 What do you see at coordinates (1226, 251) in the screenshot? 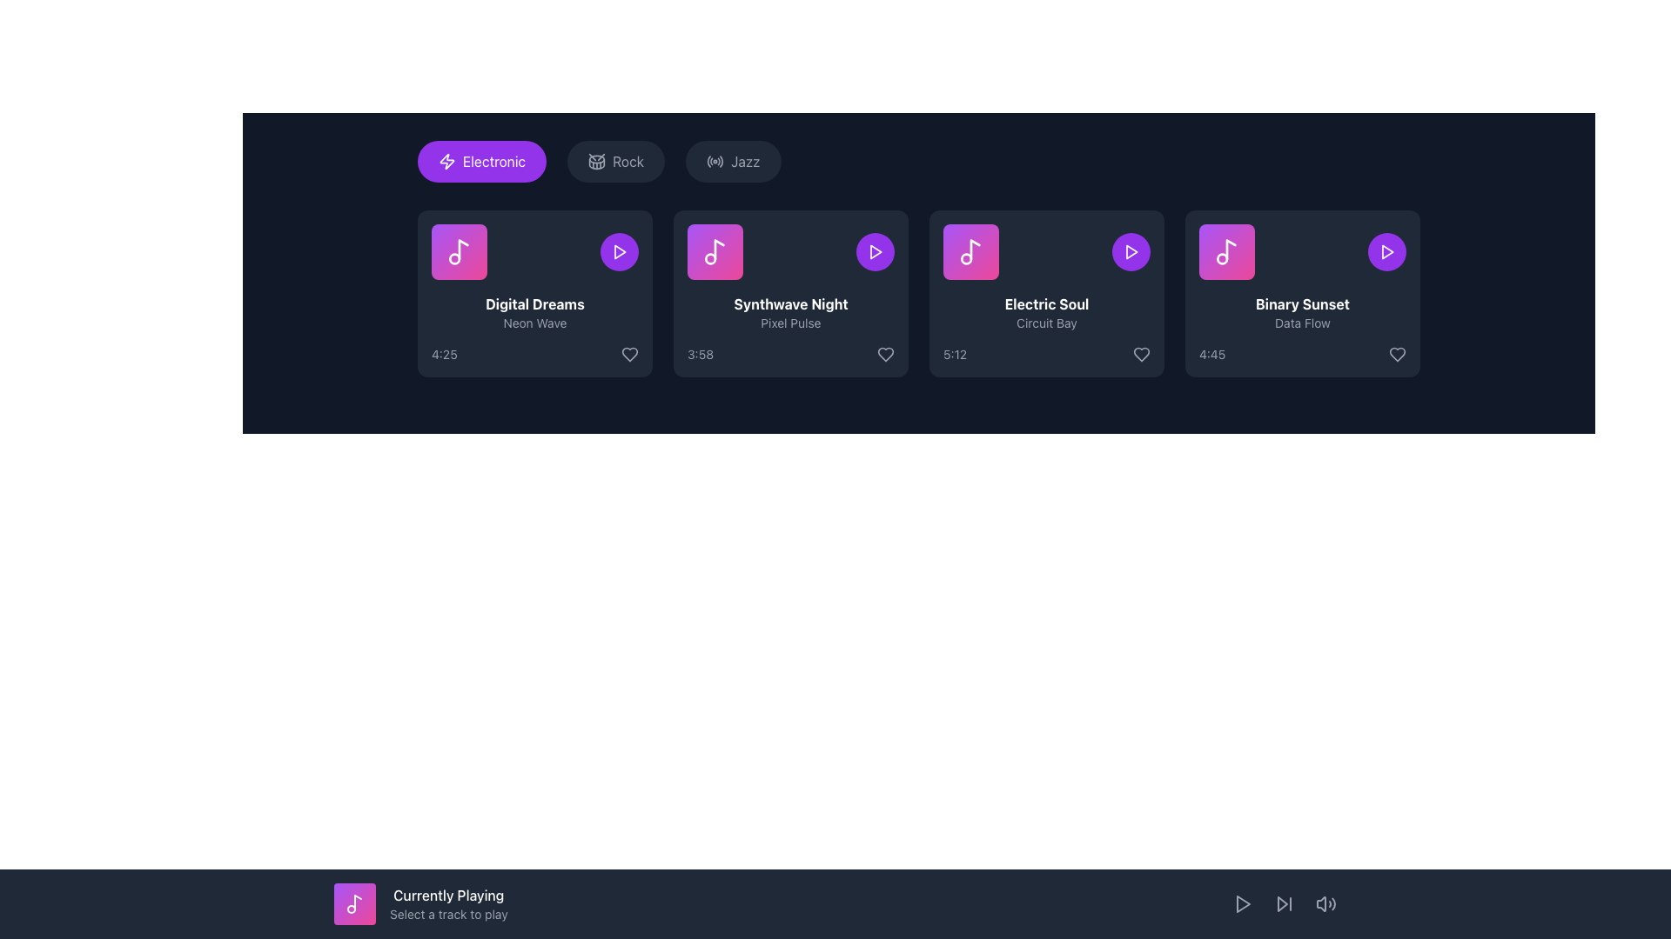
I see `the white musical note icon associated with the 'Binary Sunset' track card, which is the fourth item in the row of track cards` at bounding box center [1226, 251].